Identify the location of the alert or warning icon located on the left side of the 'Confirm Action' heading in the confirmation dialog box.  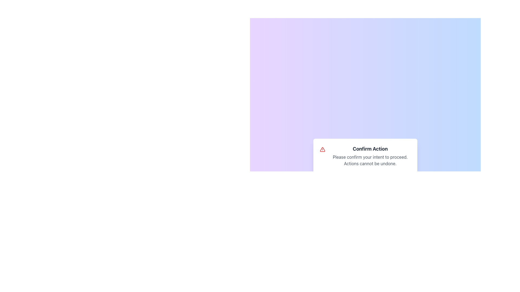
(323, 149).